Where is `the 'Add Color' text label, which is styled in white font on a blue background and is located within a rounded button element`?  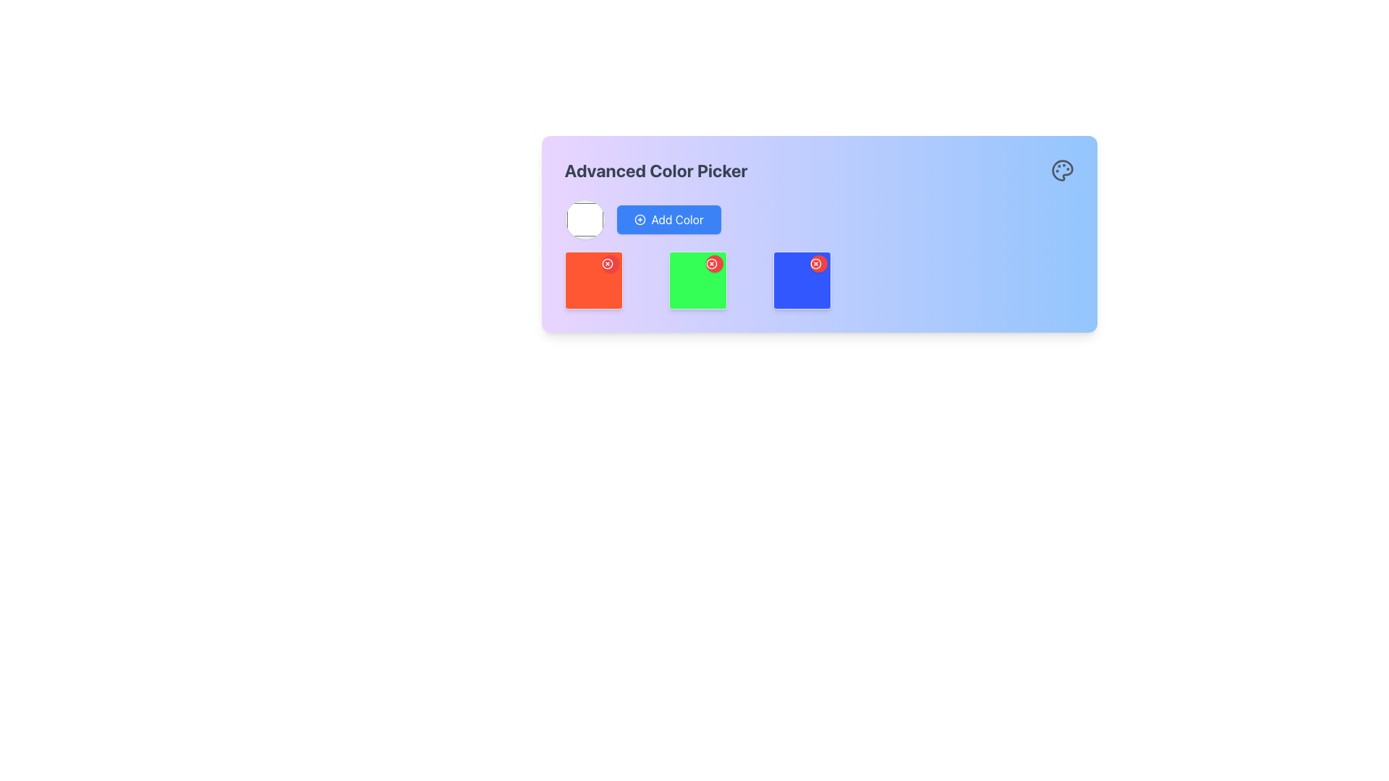 the 'Add Color' text label, which is styled in white font on a blue background and is located within a rounded button element is located at coordinates (676, 220).